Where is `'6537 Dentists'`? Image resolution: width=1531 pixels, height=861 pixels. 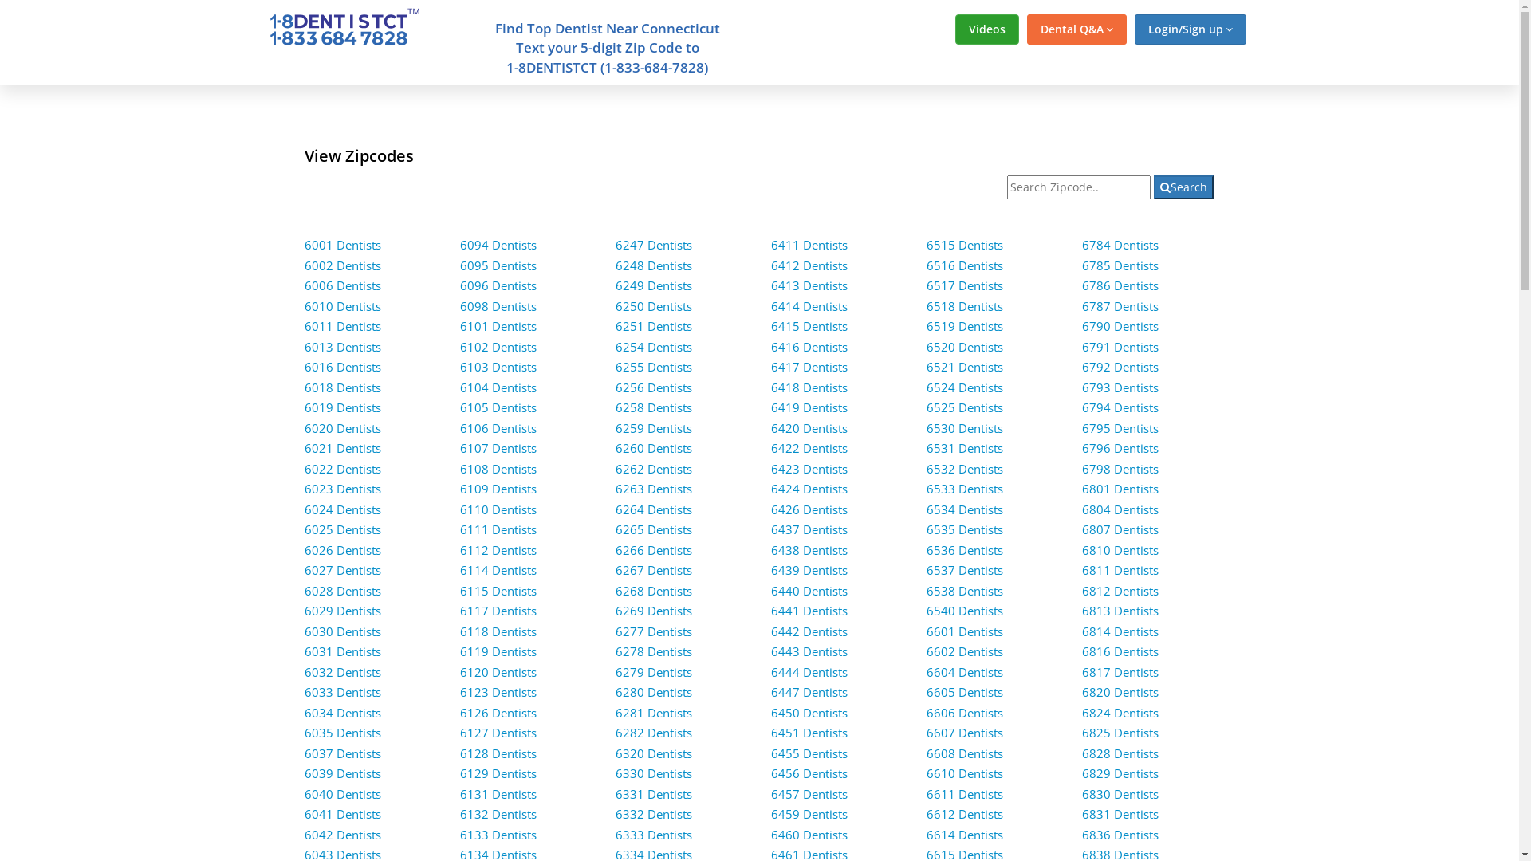
'6537 Dentists' is located at coordinates (963, 568).